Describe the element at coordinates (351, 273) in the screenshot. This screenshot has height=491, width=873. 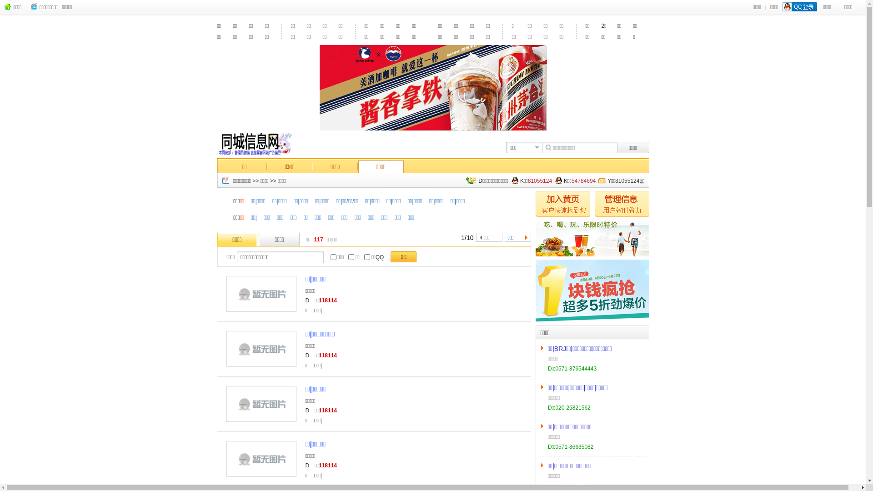
I see `'on'` at that location.